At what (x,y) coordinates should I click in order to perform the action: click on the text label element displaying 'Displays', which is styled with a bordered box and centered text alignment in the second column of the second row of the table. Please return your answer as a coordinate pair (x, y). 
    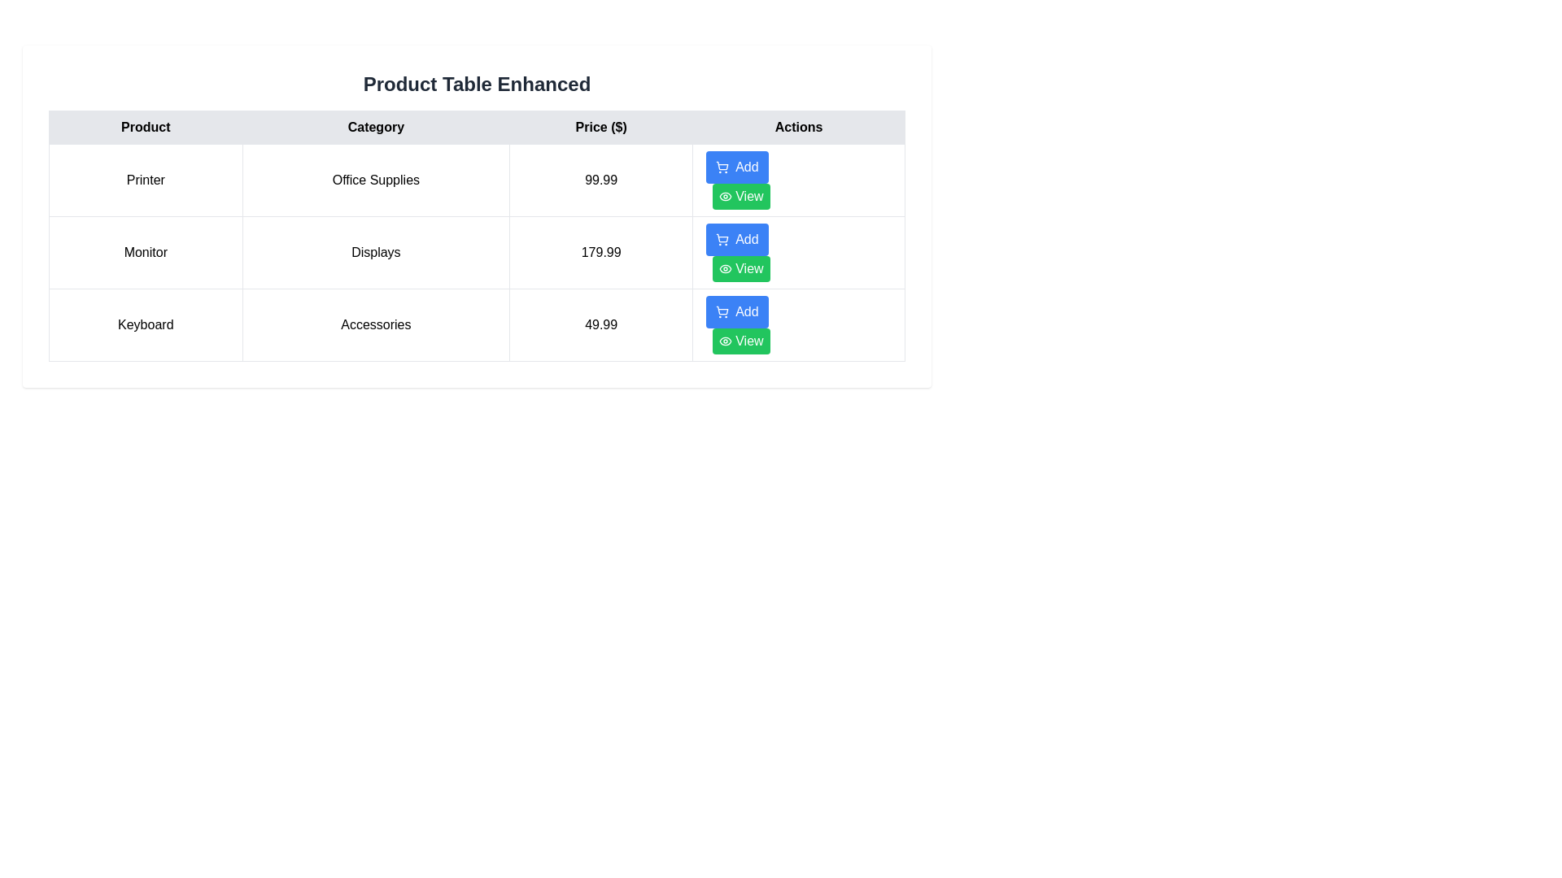
    Looking at the image, I should click on (375, 253).